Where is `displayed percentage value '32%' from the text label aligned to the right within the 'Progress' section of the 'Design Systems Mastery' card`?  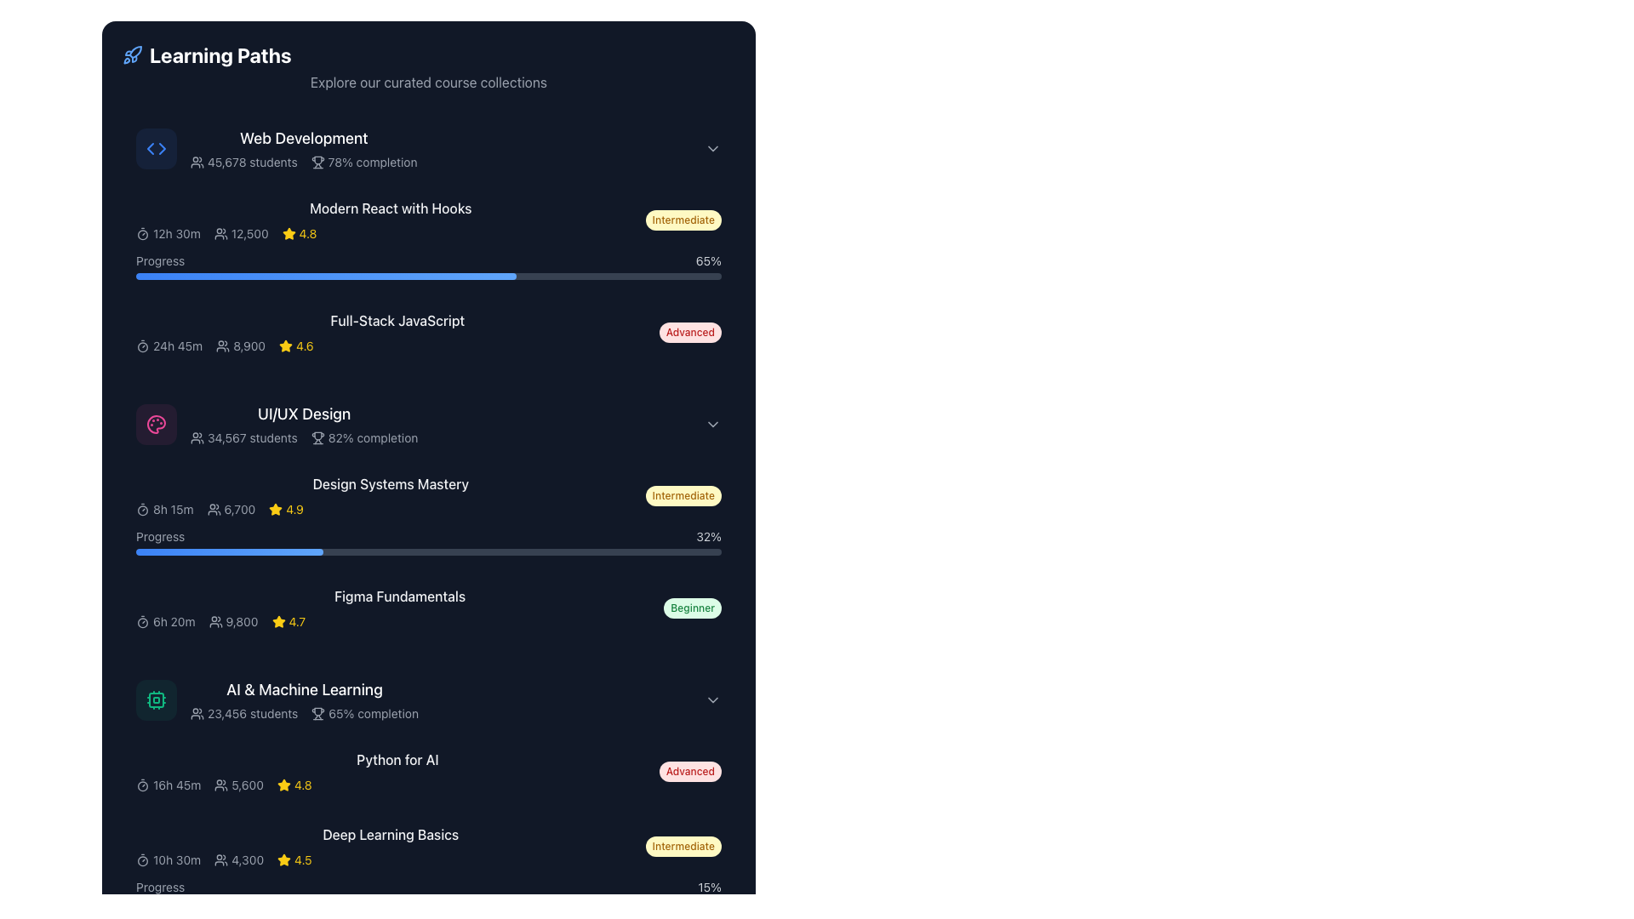
displayed percentage value '32%' from the text label aligned to the right within the 'Progress' section of the 'Design Systems Mastery' card is located at coordinates (709, 537).